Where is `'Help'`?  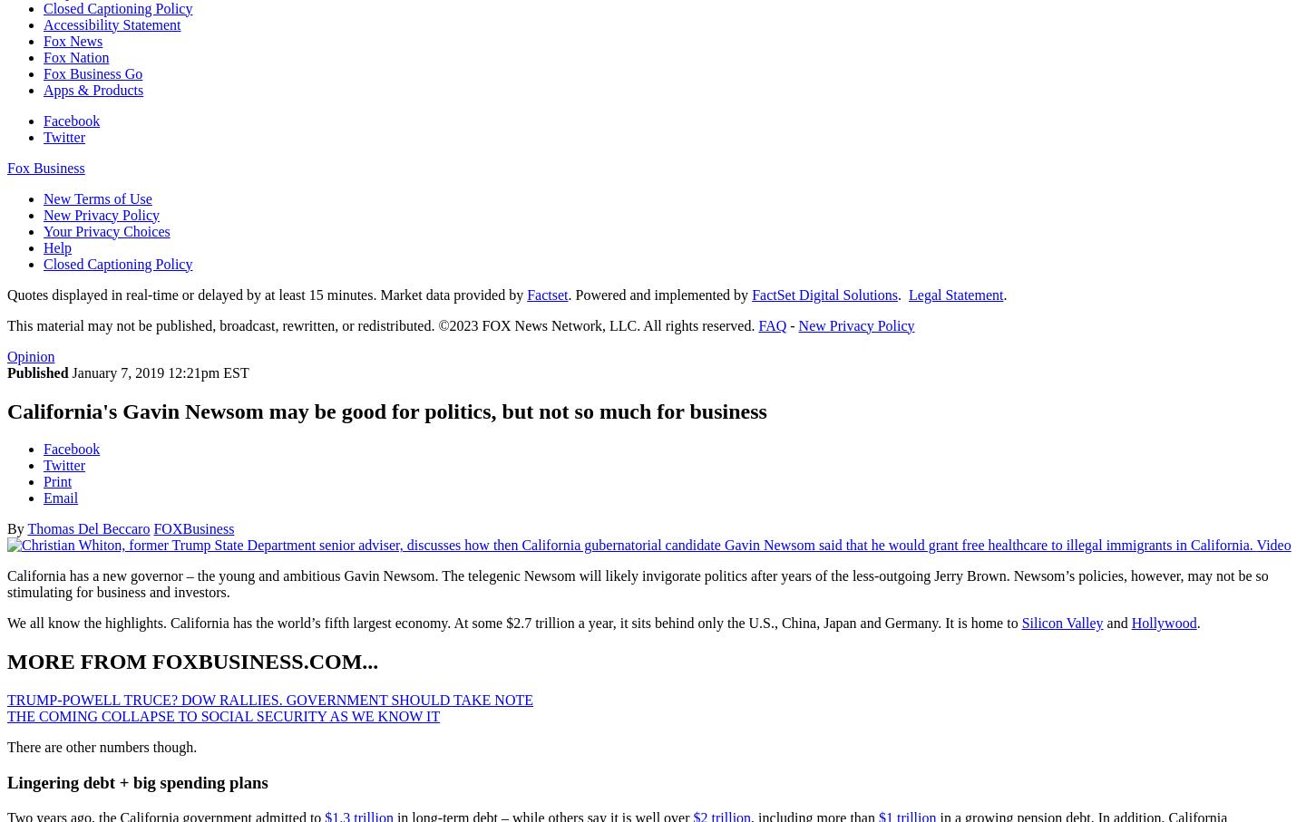
'Help' is located at coordinates (57, 246).